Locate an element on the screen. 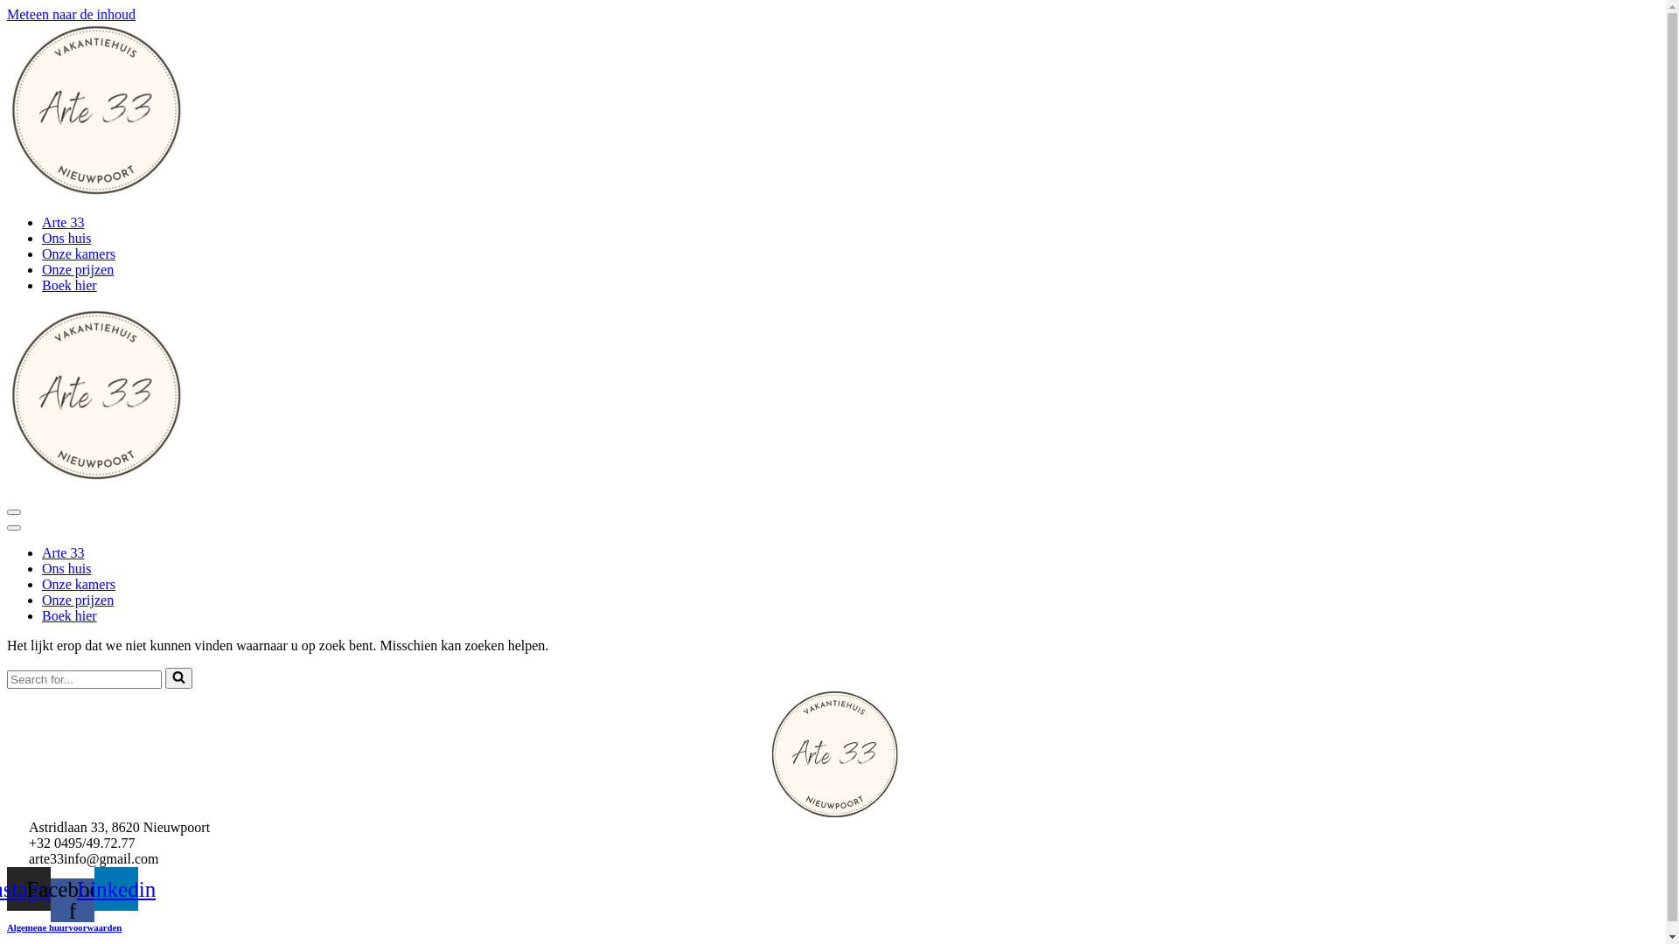  'Onze kamers' is located at coordinates (78, 253).